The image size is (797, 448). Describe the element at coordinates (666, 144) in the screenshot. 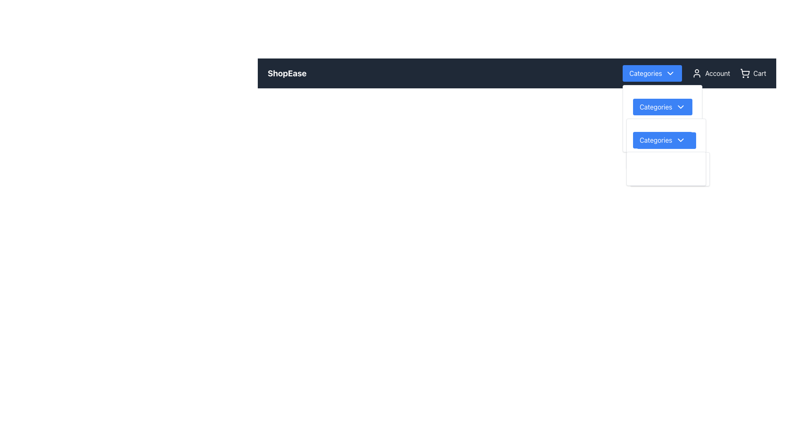

I see `the second 'Categories' button in the dropdown menu to interact` at that location.